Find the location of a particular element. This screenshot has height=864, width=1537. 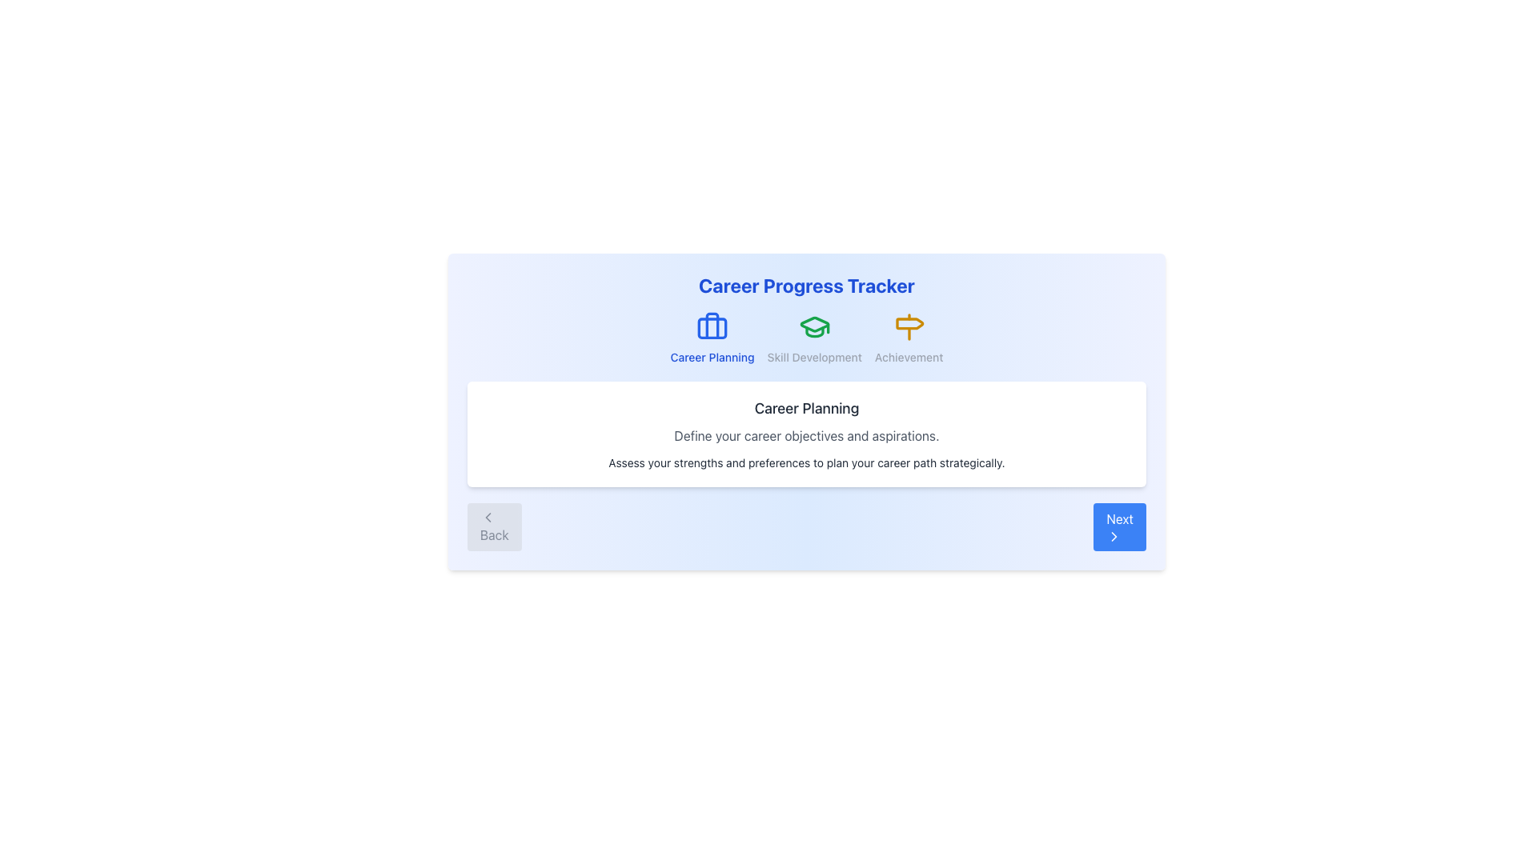

the milestone marker icon in orange, which is the central component of the 'Achievement' icon in the 'Career Progress Tracker' section is located at coordinates (909, 323).